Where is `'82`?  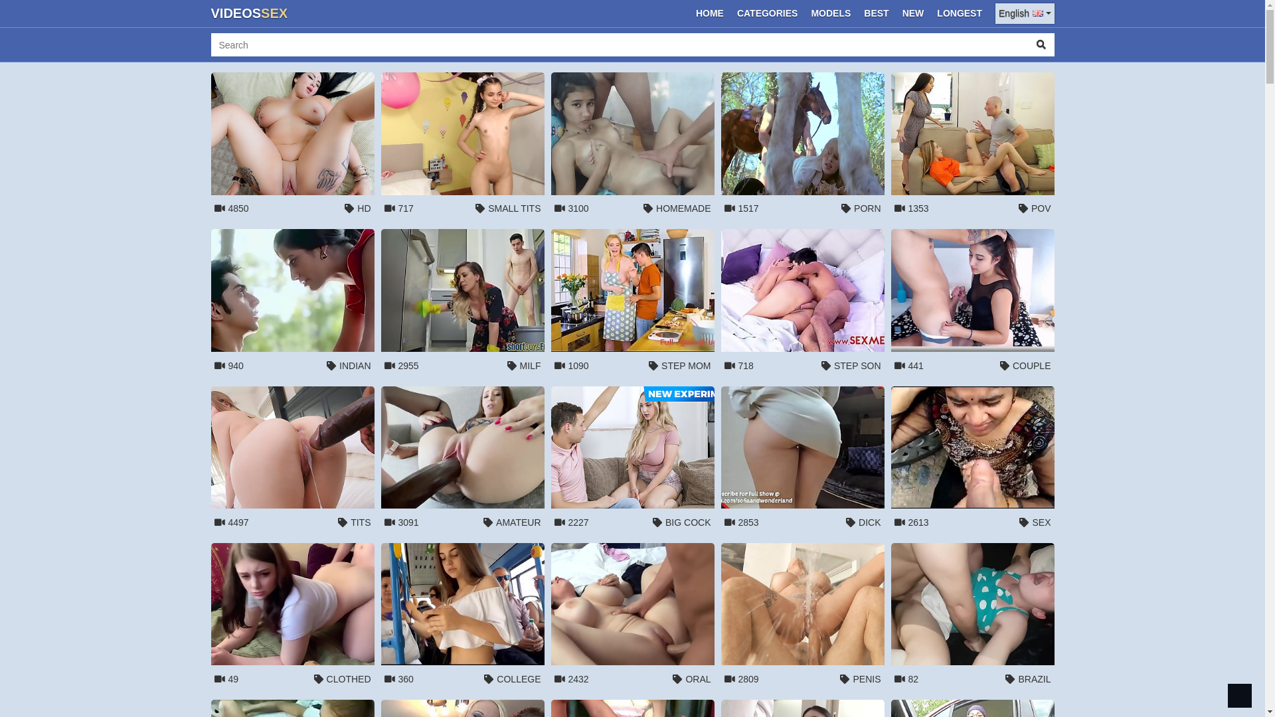
'82 is located at coordinates (972, 617).